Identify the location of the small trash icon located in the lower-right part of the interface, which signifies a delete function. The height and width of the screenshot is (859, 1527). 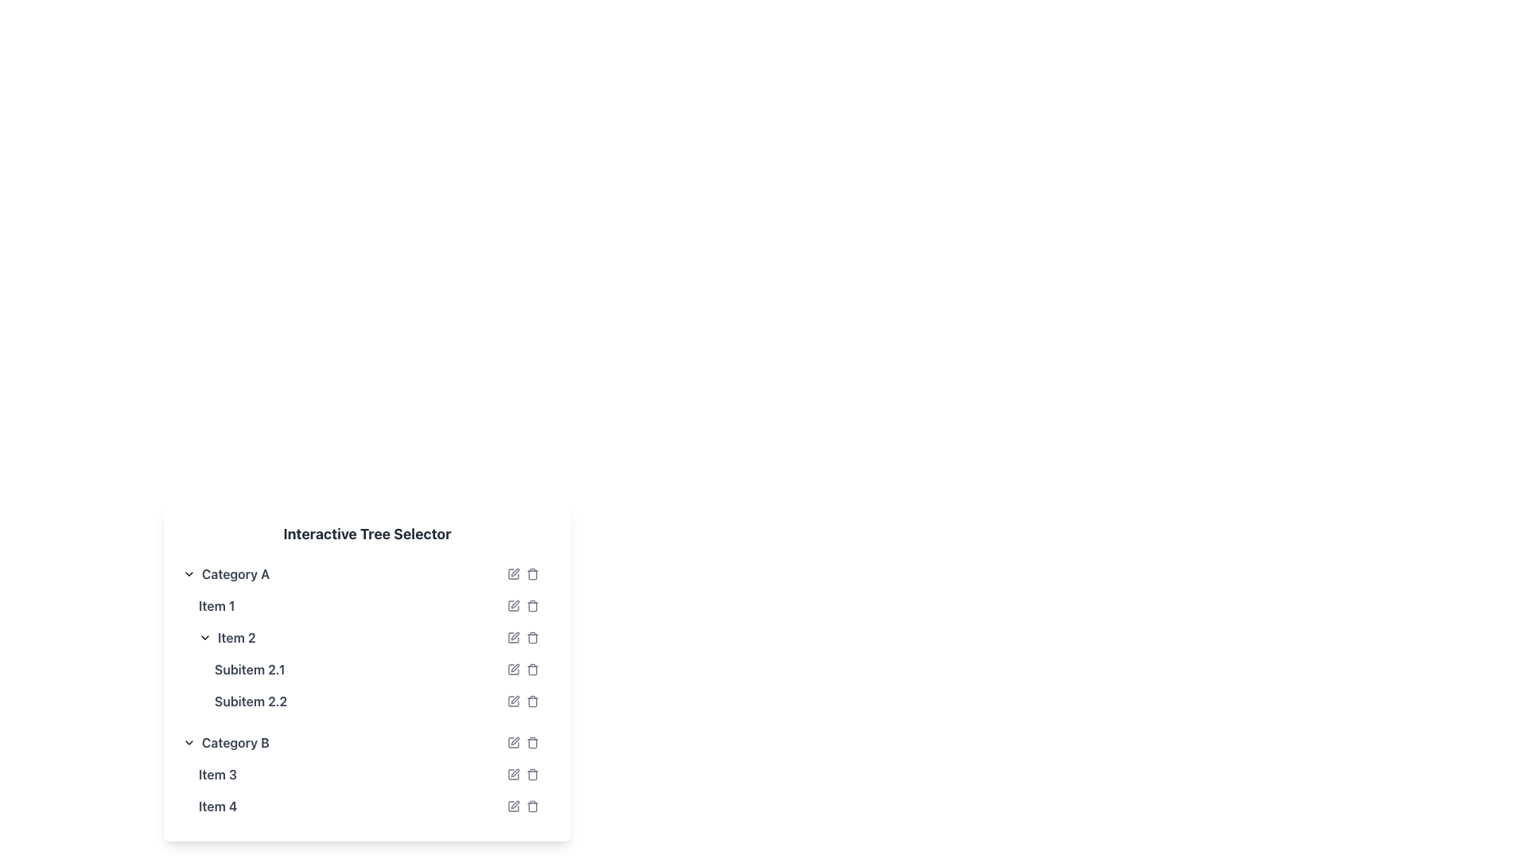
(533, 606).